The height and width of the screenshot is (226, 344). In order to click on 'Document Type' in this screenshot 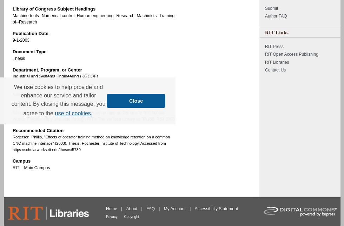, I will do `click(29, 51)`.